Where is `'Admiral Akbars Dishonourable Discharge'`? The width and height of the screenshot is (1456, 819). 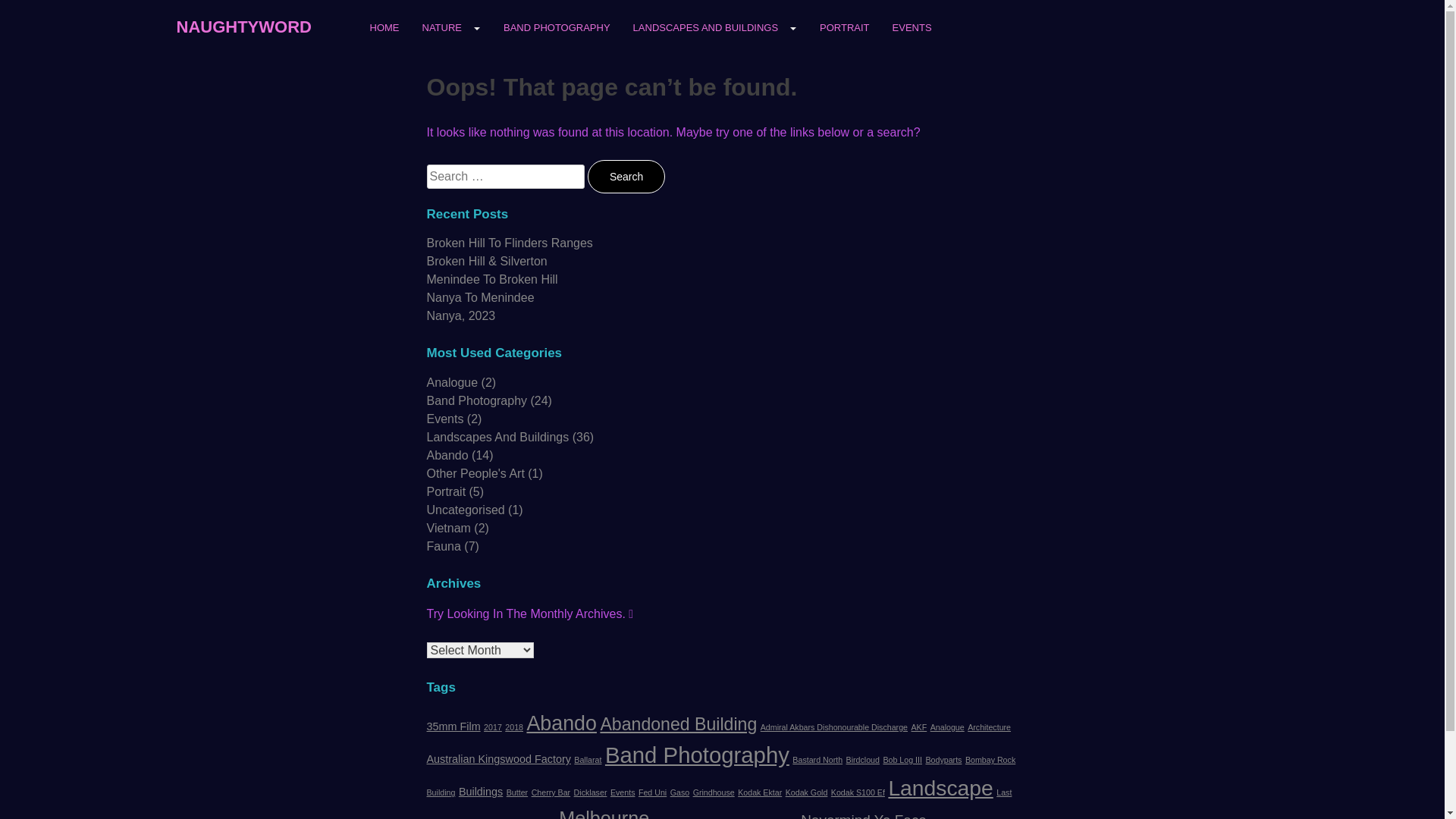
'Admiral Akbars Dishonourable Discharge' is located at coordinates (761, 726).